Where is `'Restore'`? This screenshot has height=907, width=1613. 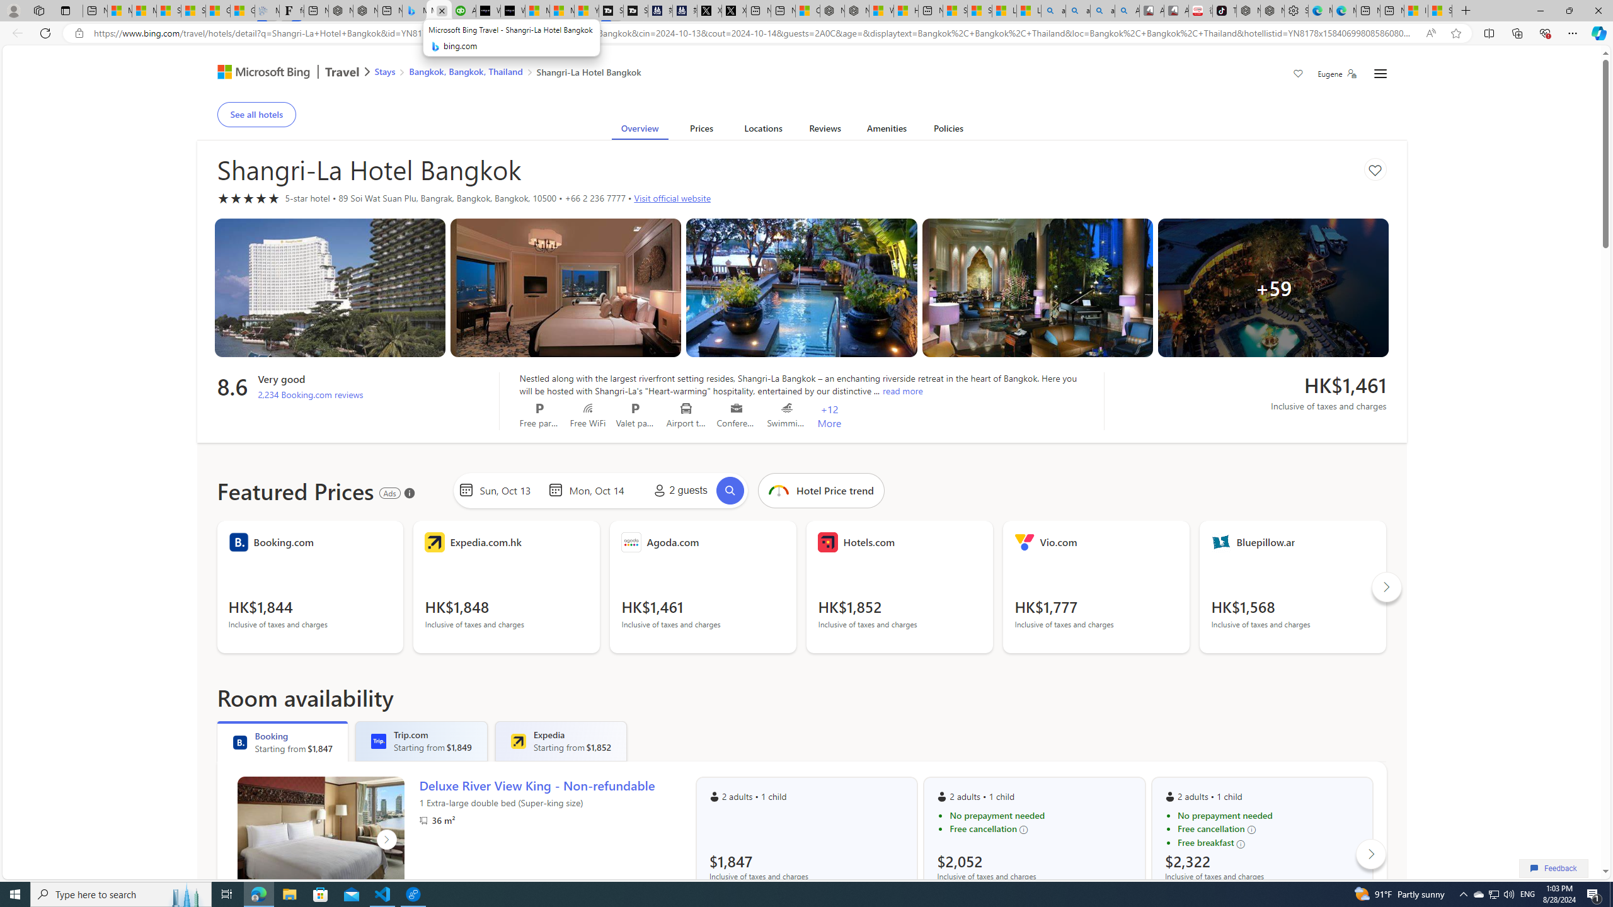
'Restore' is located at coordinates (1569, 10).